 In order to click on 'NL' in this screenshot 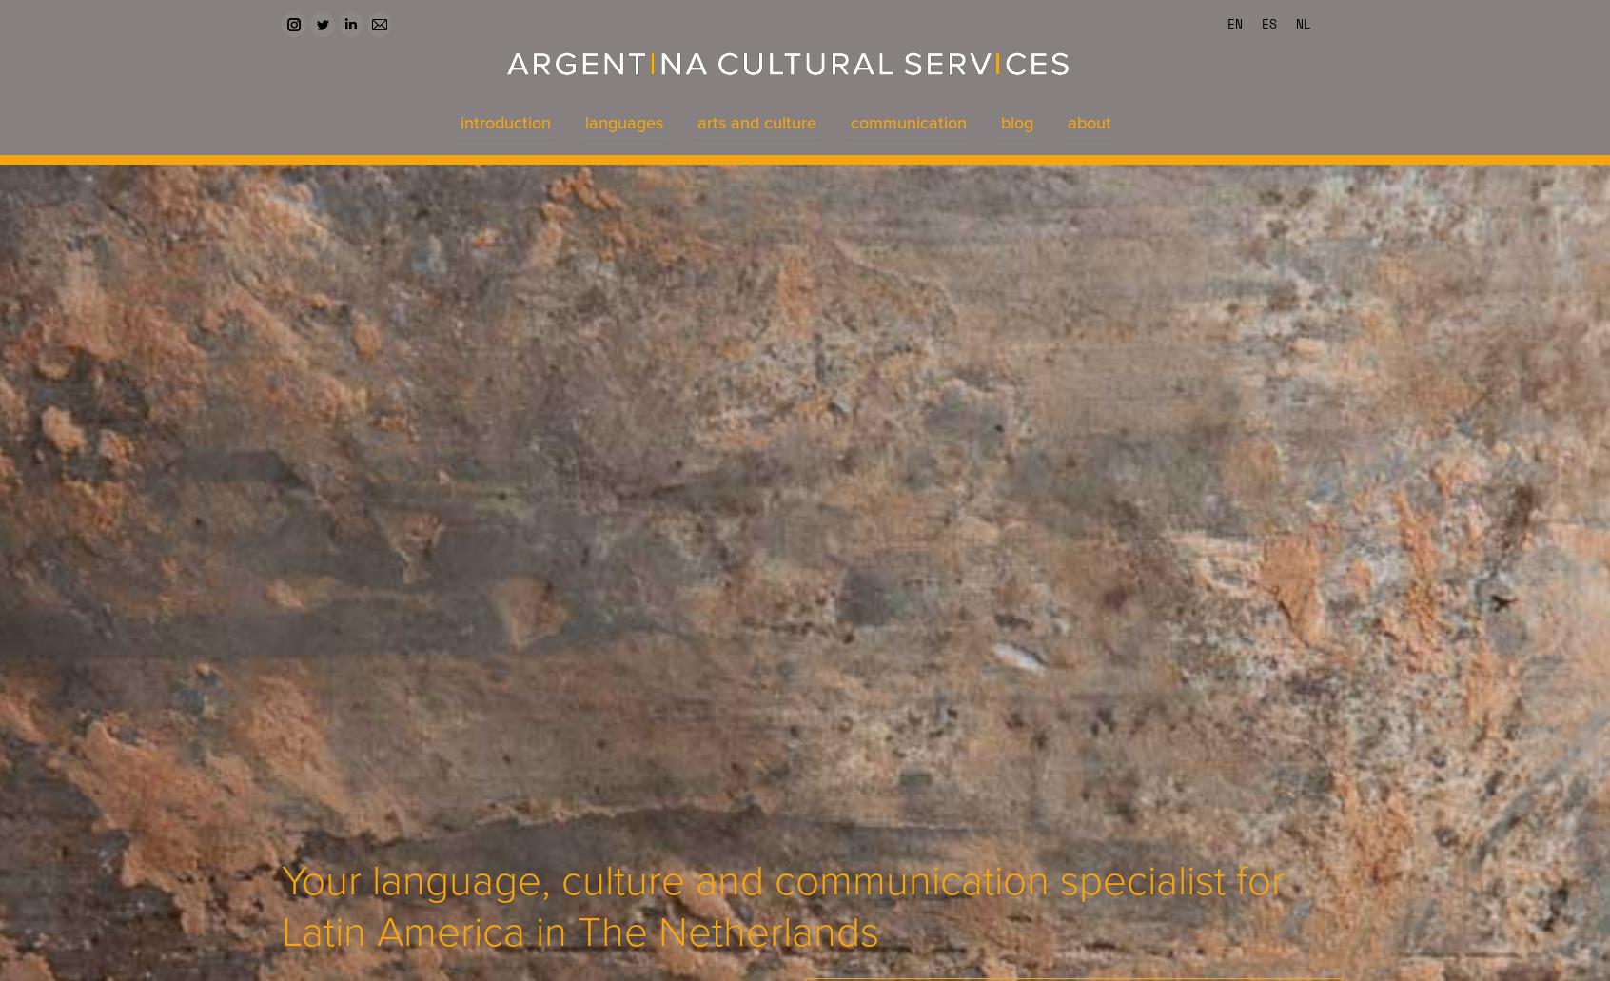, I will do `click(1304, 23)`.